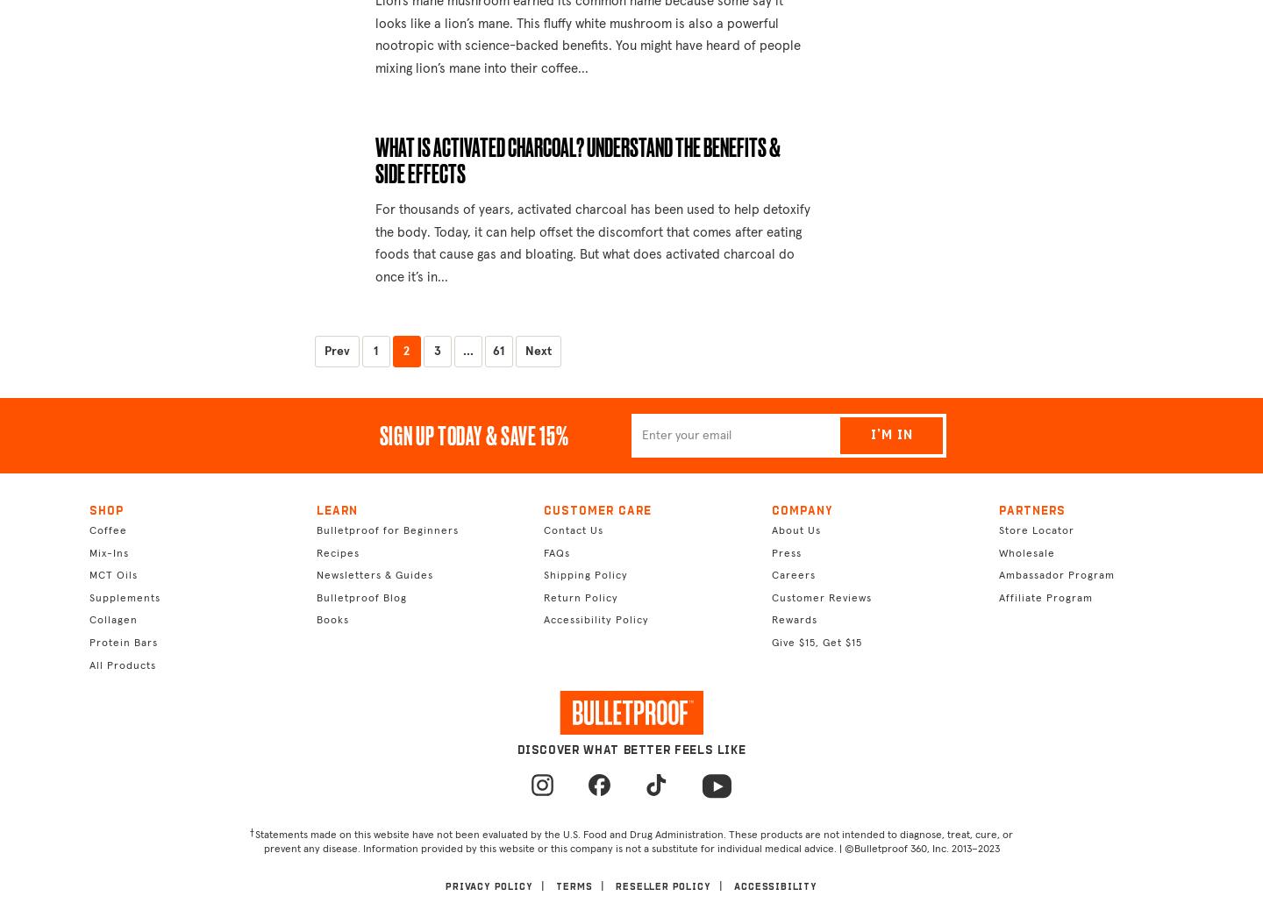 The height and width of the screenshot is (903, 1263). I want to click on 'Privacy Policy', so click(489, 885).